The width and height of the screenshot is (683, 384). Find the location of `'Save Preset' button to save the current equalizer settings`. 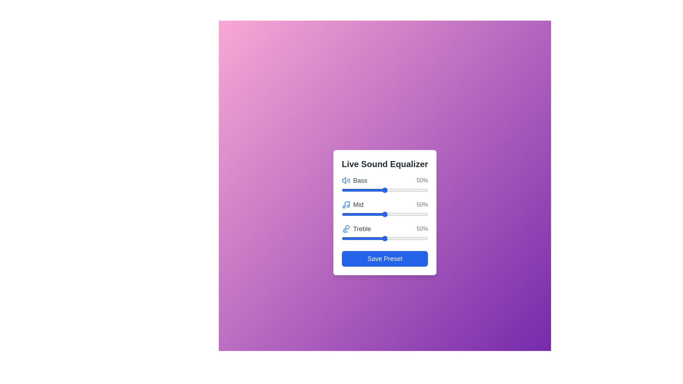

'Save Preset' button to save the current equalizer settings is located at coordinates (384, 259).